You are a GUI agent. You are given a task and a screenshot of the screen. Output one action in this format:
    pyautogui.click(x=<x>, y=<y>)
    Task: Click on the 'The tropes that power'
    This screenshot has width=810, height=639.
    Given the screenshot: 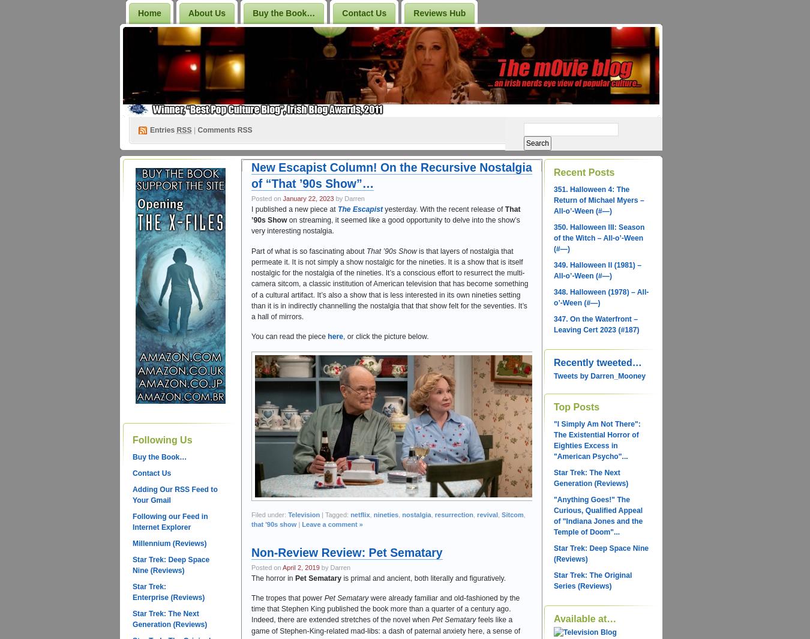 What is the action you would take?
    pyautogui.click(x=287, y=597)
    